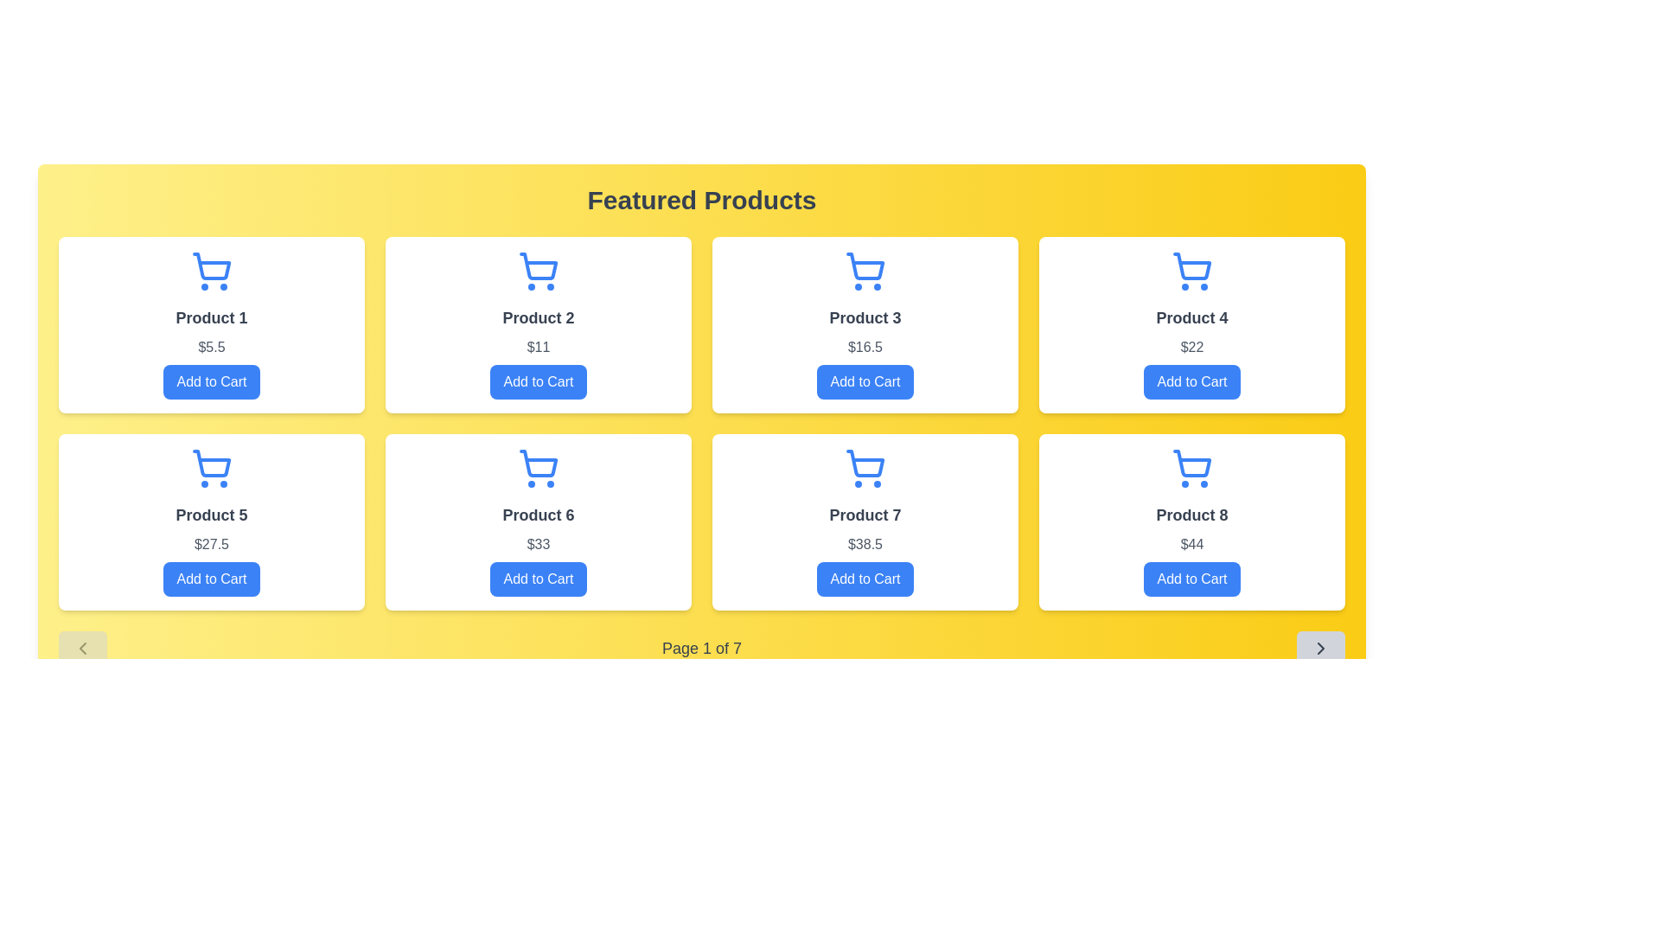 This screenshot has height=934, width=1660. I want to click on the shopping cart icon representing the 'Add to Cart' functionality for 'Product 6', which is located in the second card of the second row, so click(538, 463).